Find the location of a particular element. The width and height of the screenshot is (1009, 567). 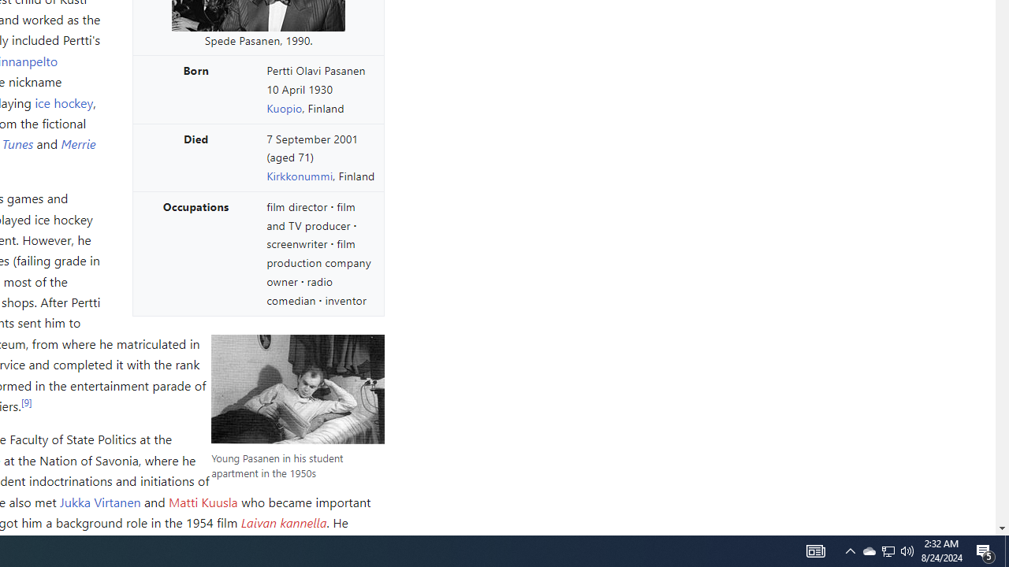

'Matti Kuusla' is located at coordinates (202, 501).